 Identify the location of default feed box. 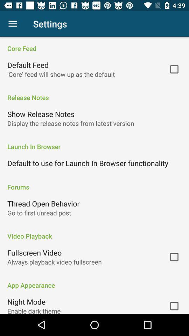
(174, 69).